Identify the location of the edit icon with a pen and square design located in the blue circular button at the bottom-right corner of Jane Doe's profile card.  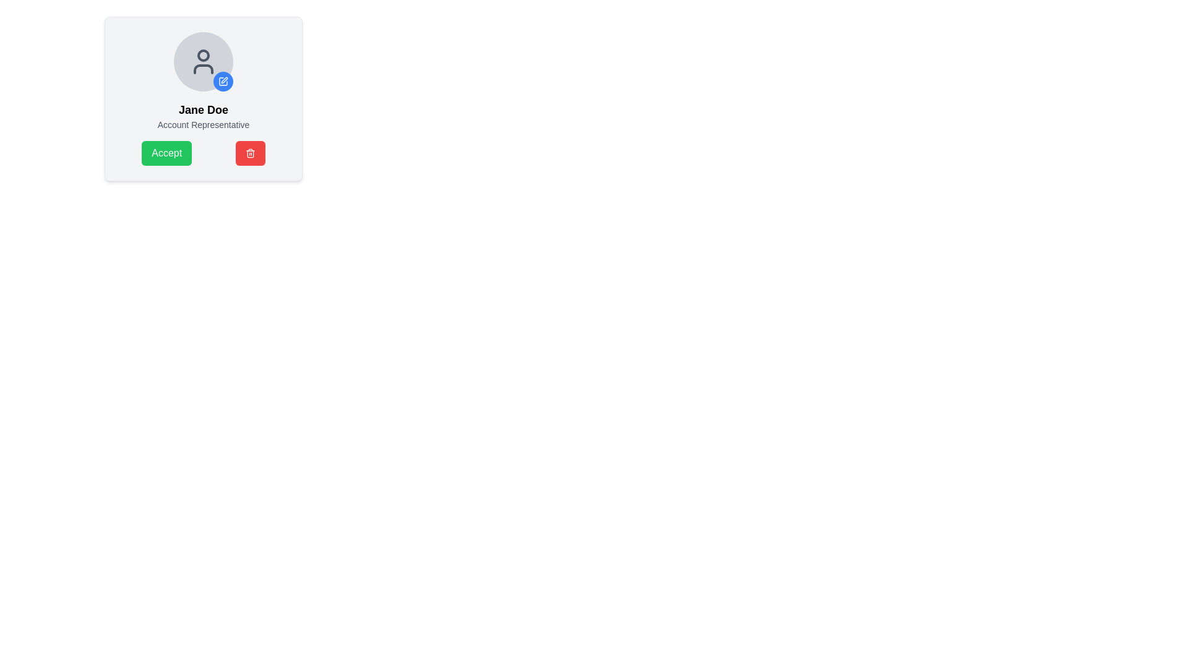
(223, 81).